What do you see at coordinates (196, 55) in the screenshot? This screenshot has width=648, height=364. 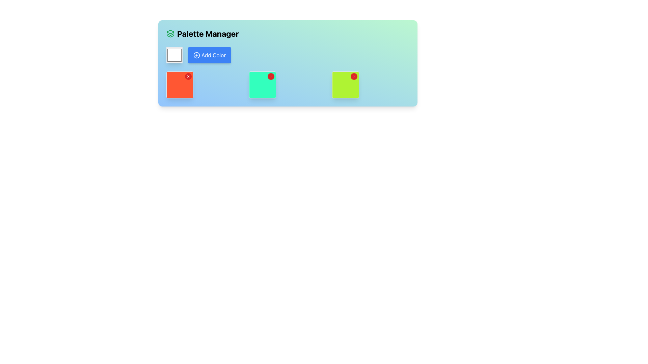 I see `the circular icon with a plus symbol in the center, which is part of the 'Add Color' button located in the upper part of the interface` at bounding box center [196, 55].